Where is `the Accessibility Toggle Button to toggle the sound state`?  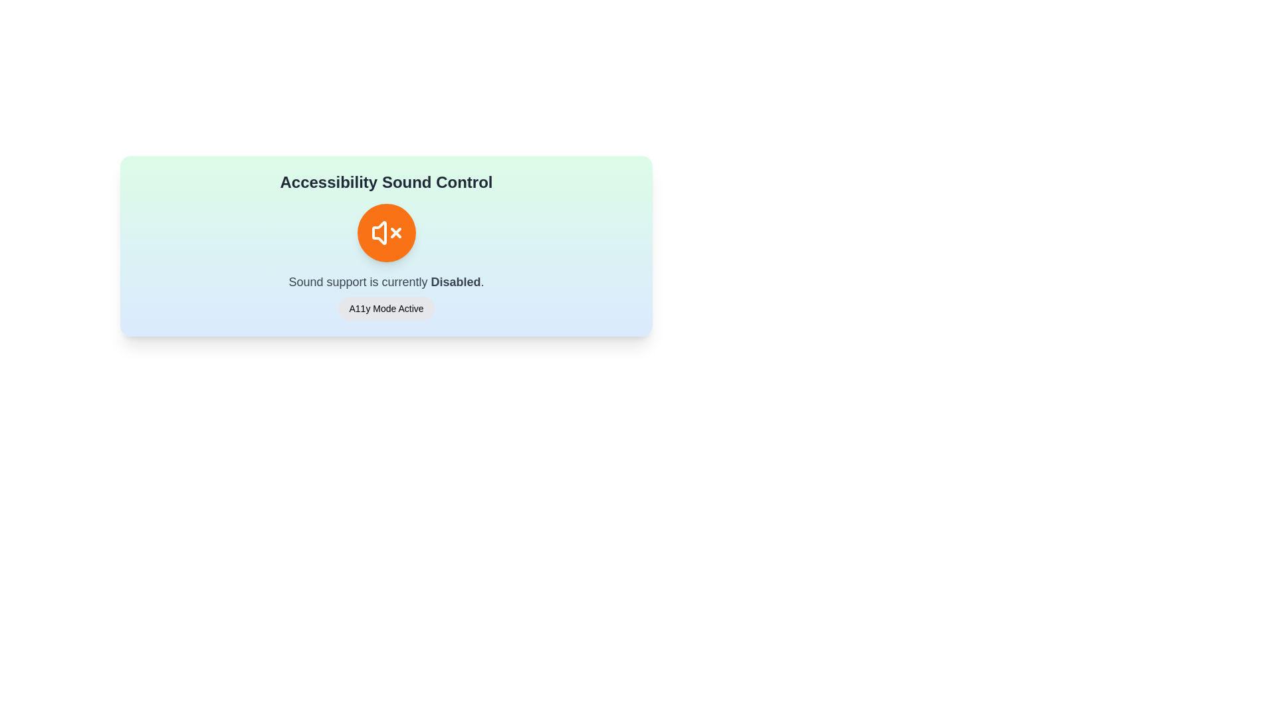
the Accessibility Toggle Button to toggle the sound state is located at coordinates (385, 232).